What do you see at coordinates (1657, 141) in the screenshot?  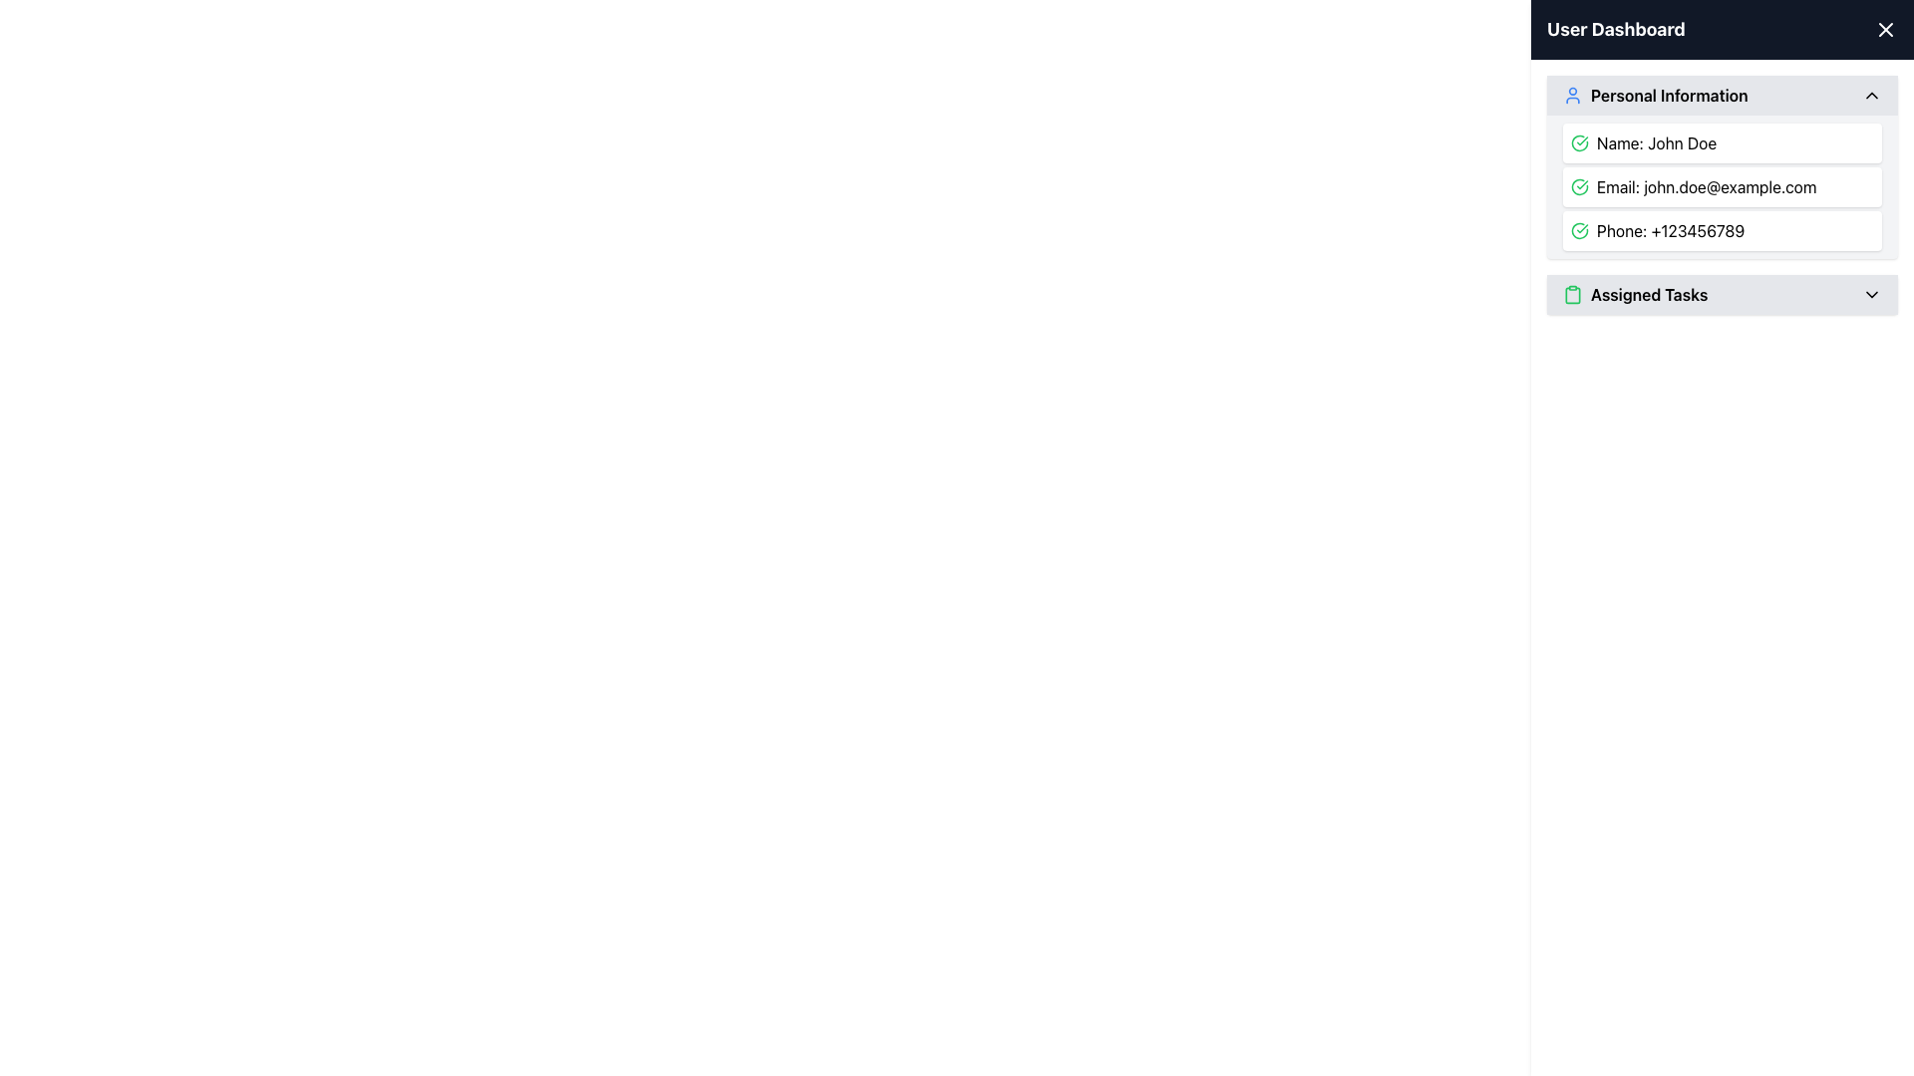 I see `the text label displaying 'Name: John Doe' in black text on a white background, located near the top of the 'Personal Information' panel, next to a green check icon` at bounding box center [1657, 141].